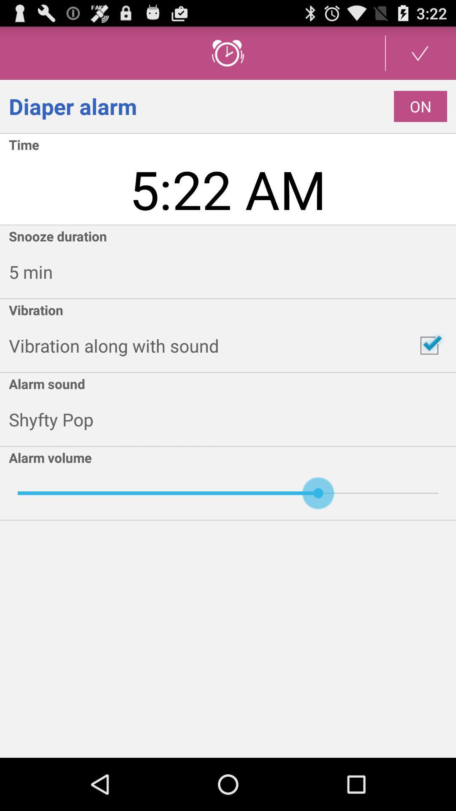 Image resolution: width=456 pixels, height=811 pixels. What do you see at coordinates (420, 52) in the screenshot?
I see `set up button` at bounding box center [420, 52].